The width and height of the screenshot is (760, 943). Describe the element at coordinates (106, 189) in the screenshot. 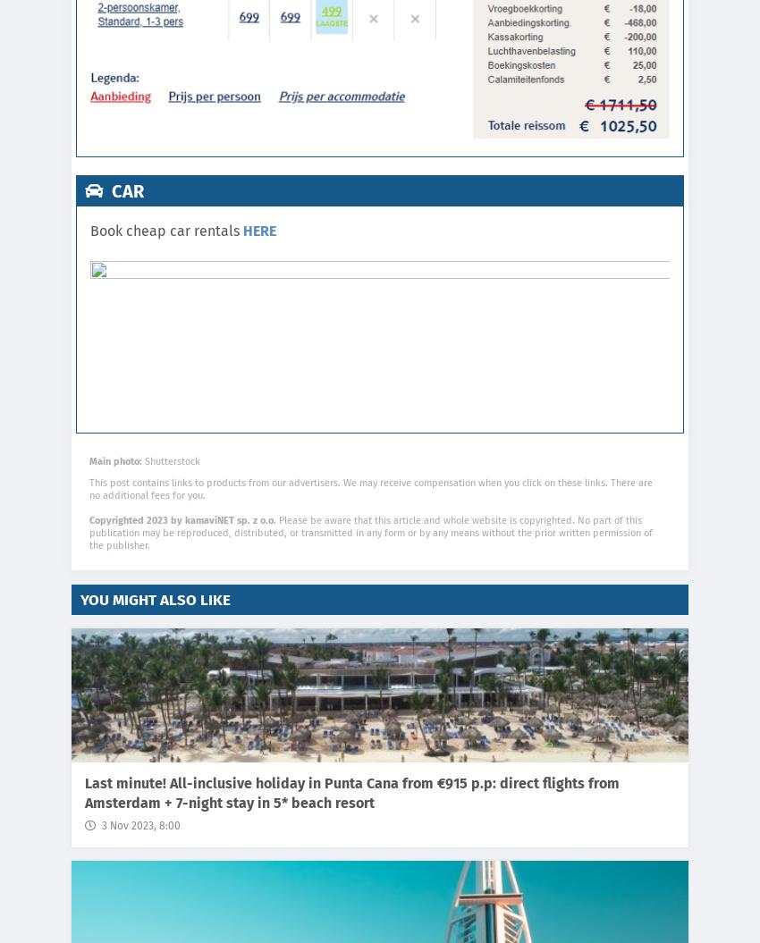

I see `'Car'` at that location.